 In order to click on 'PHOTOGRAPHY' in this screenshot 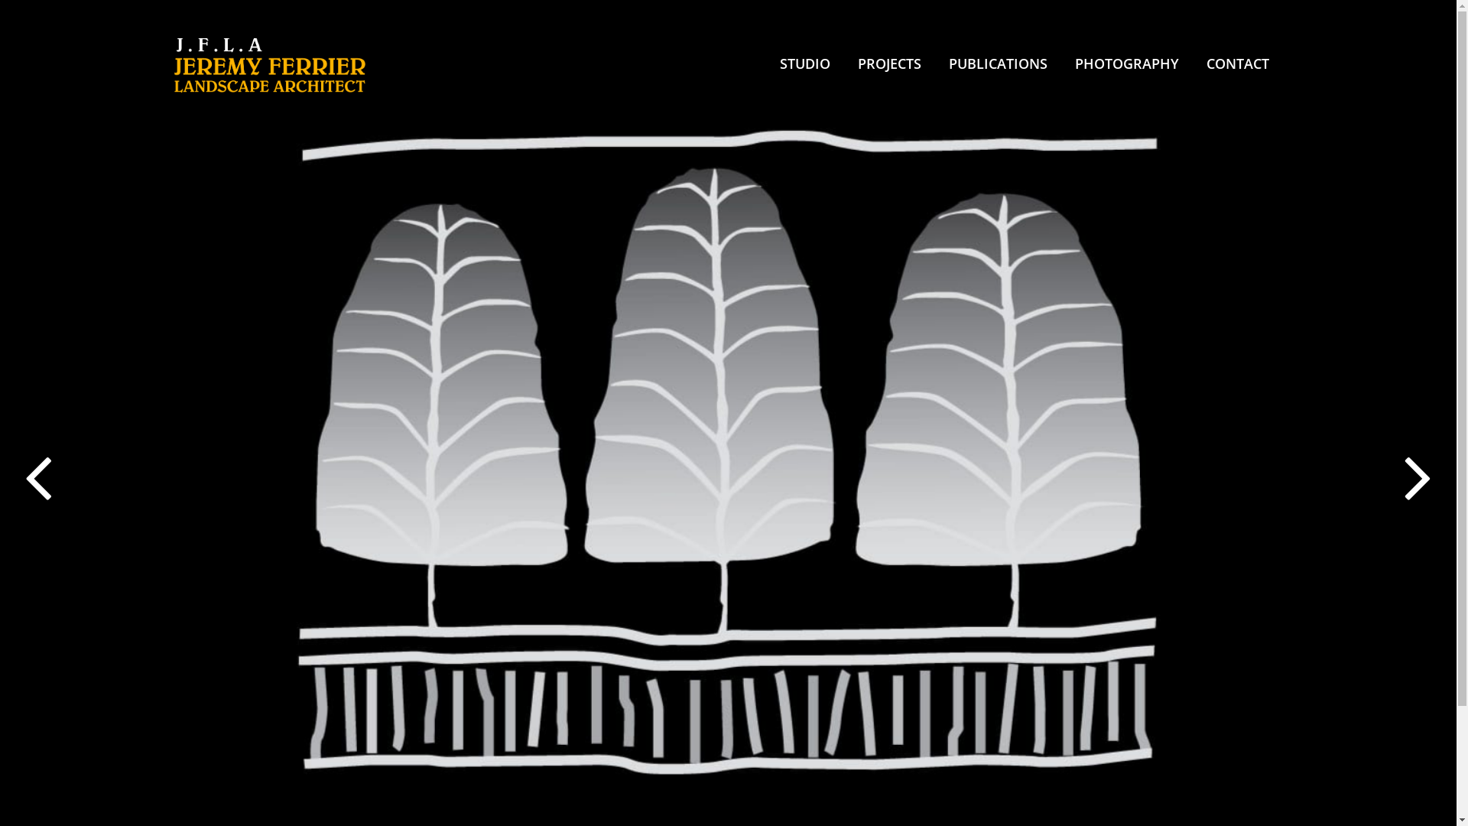, I will do `click(1126, 63)`.